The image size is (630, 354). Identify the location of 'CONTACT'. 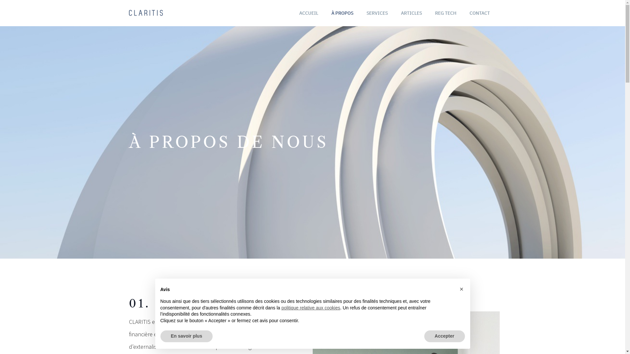
(462, 13).